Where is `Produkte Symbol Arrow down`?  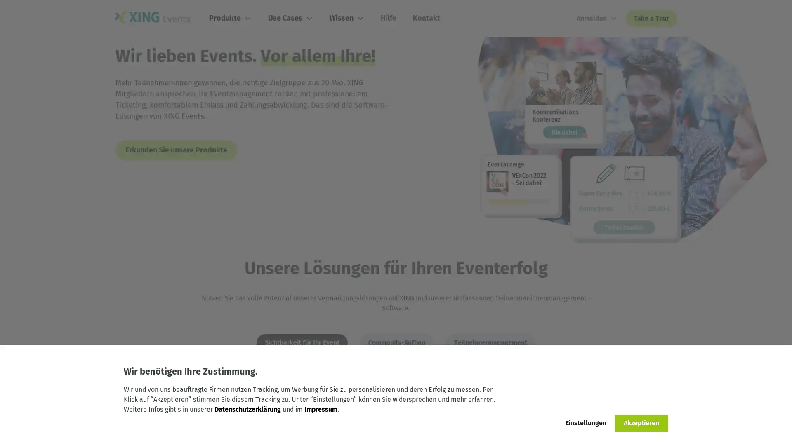 Produkte Symbol Arrow down is located at coordinates (231, 18).